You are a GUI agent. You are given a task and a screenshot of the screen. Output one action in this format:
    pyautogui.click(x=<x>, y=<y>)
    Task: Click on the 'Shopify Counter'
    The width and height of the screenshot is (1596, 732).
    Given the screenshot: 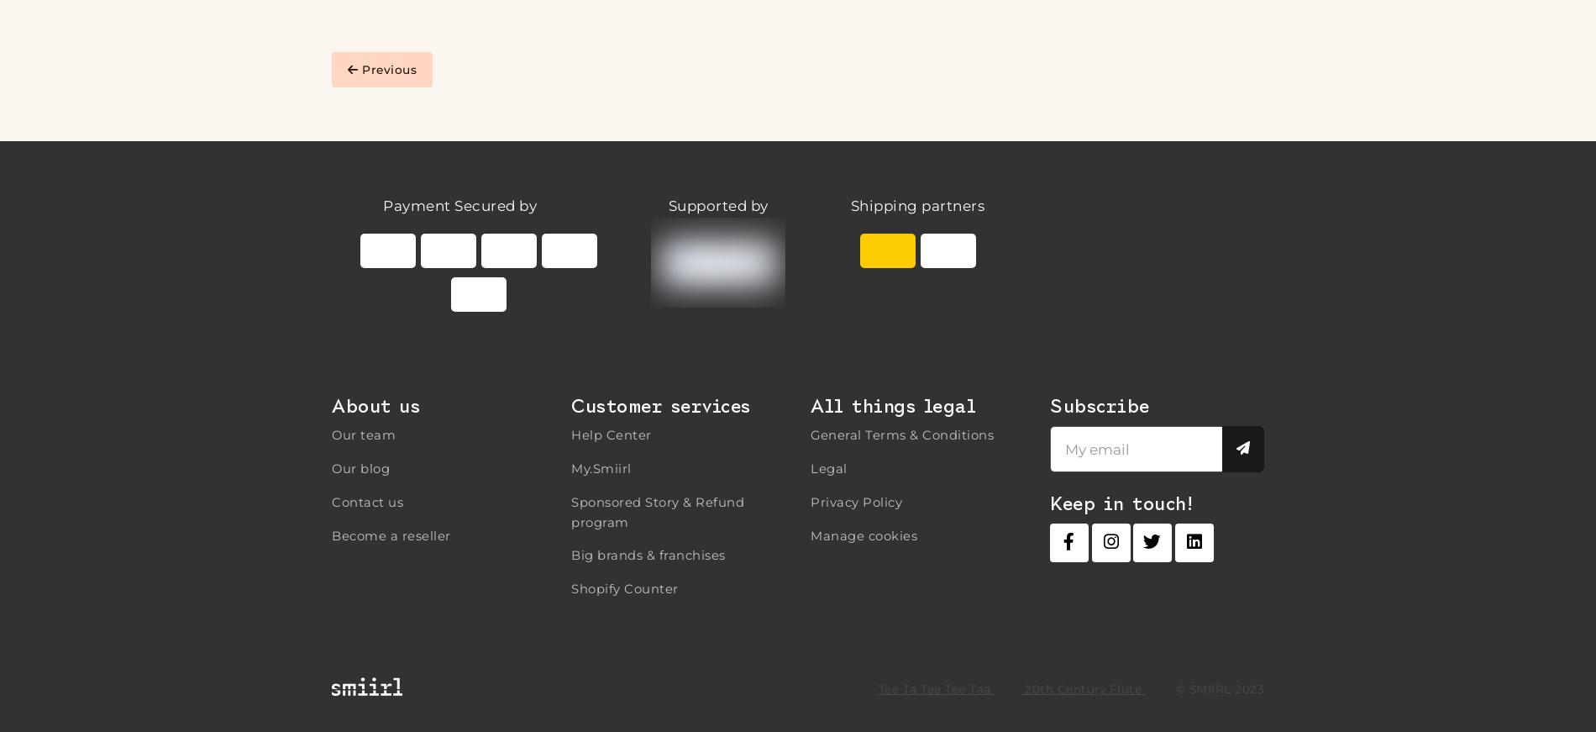 What is the action you would take?
    pyautogui.click(x=623, y=587)
    